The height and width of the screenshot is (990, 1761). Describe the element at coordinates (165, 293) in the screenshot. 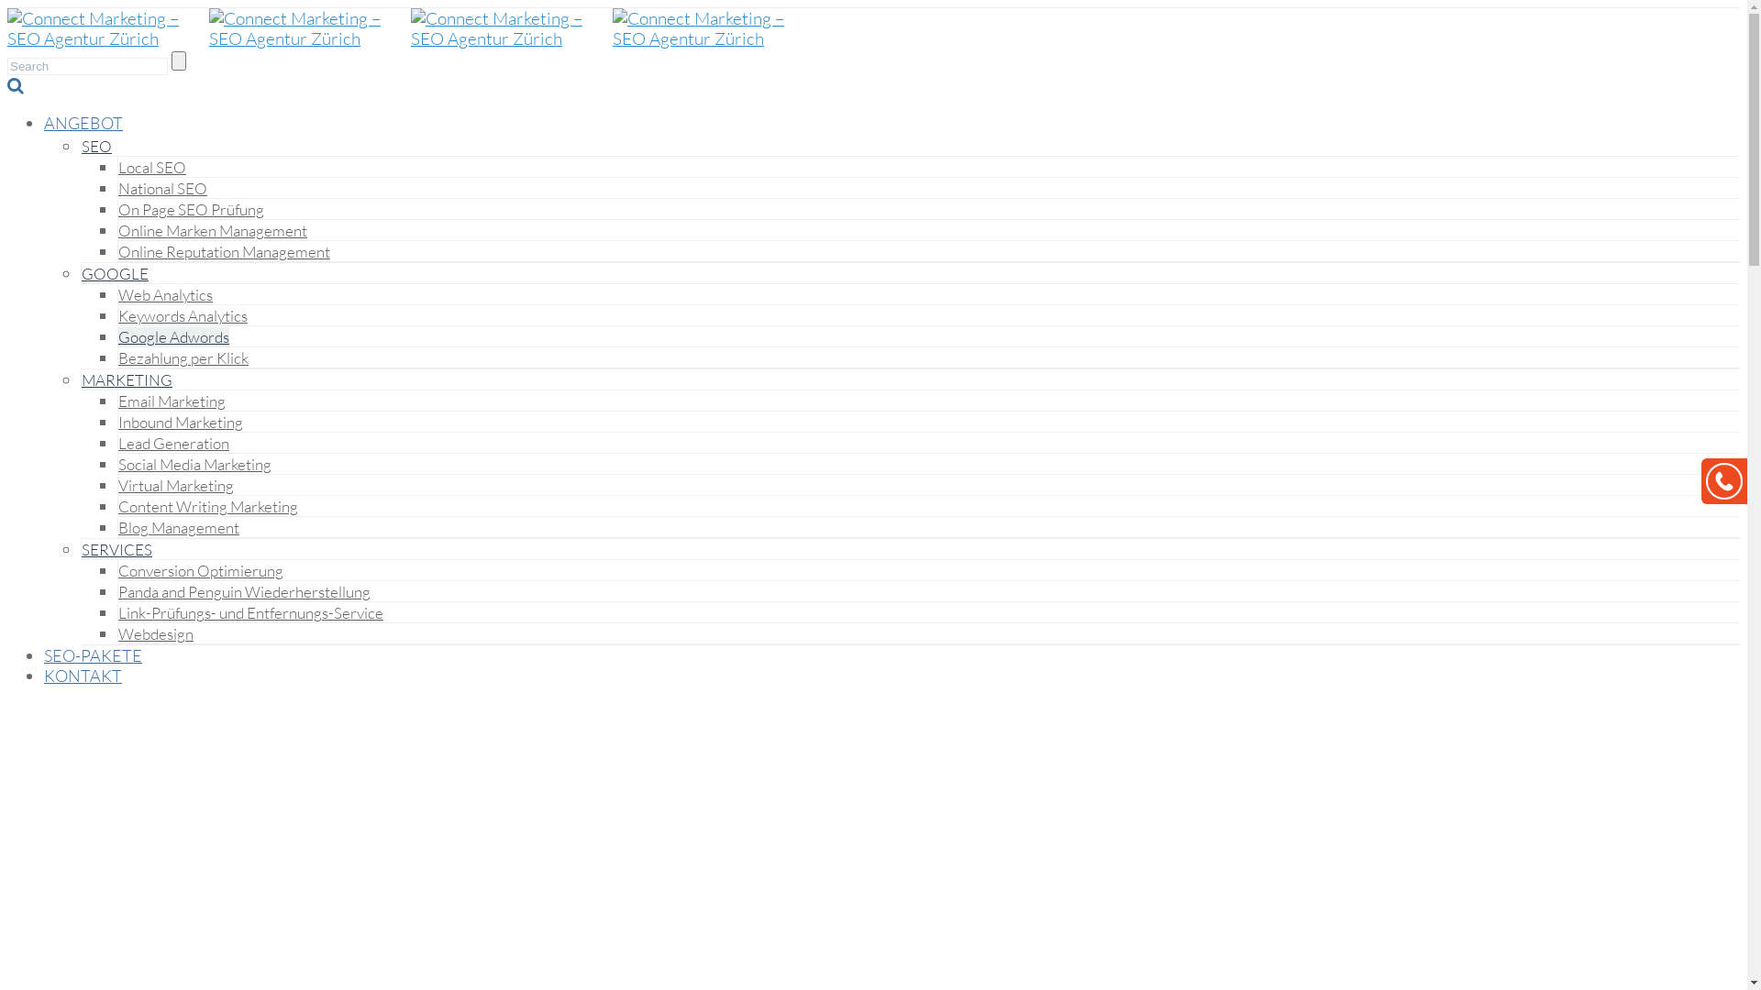

I see `'Web Analytics'` at that location.